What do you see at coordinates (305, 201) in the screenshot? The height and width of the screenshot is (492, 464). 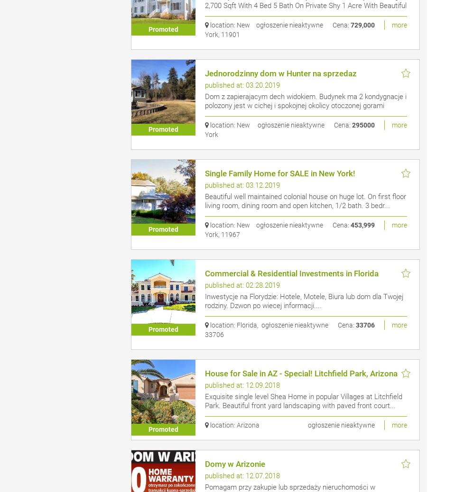 I see `'Beautiful well maintained colonial house on huge lot. On first floor living room, dining room and open kitchen, 1/2 bath. 3 bedr...'` at bounding box center [305, 201].